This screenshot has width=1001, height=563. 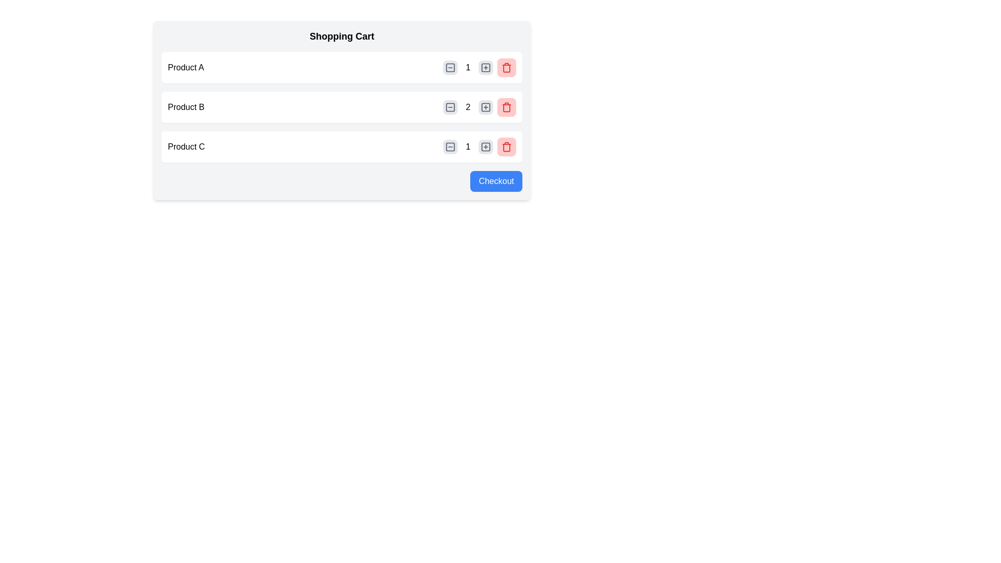 I want to click on the button to decrease the quantity of the first product in the shopping cart, located just to the left of the quantity indicator labeled '1', so click(x=450, y=68).